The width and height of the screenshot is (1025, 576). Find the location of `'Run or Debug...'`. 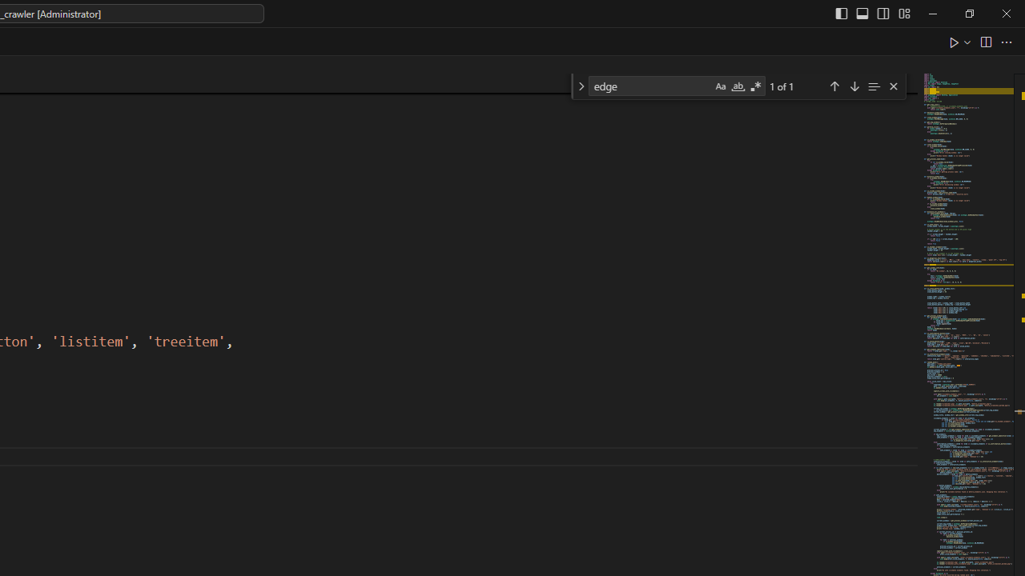

'Run or Debug...' is located at coordinates (967, 41).